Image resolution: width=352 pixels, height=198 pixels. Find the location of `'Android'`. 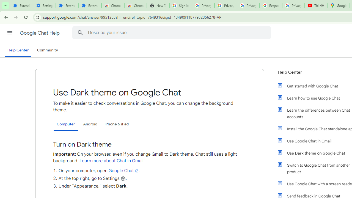

'Android' is located at coordinates (90, 124).